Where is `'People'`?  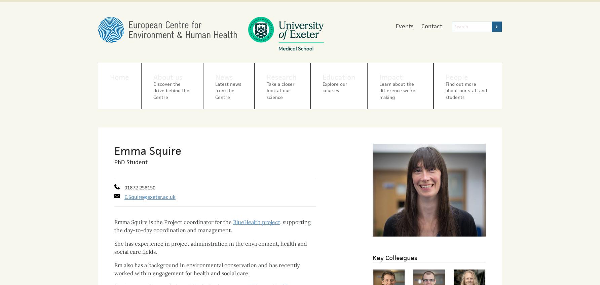
'People' is located at coordinates (436, 73).